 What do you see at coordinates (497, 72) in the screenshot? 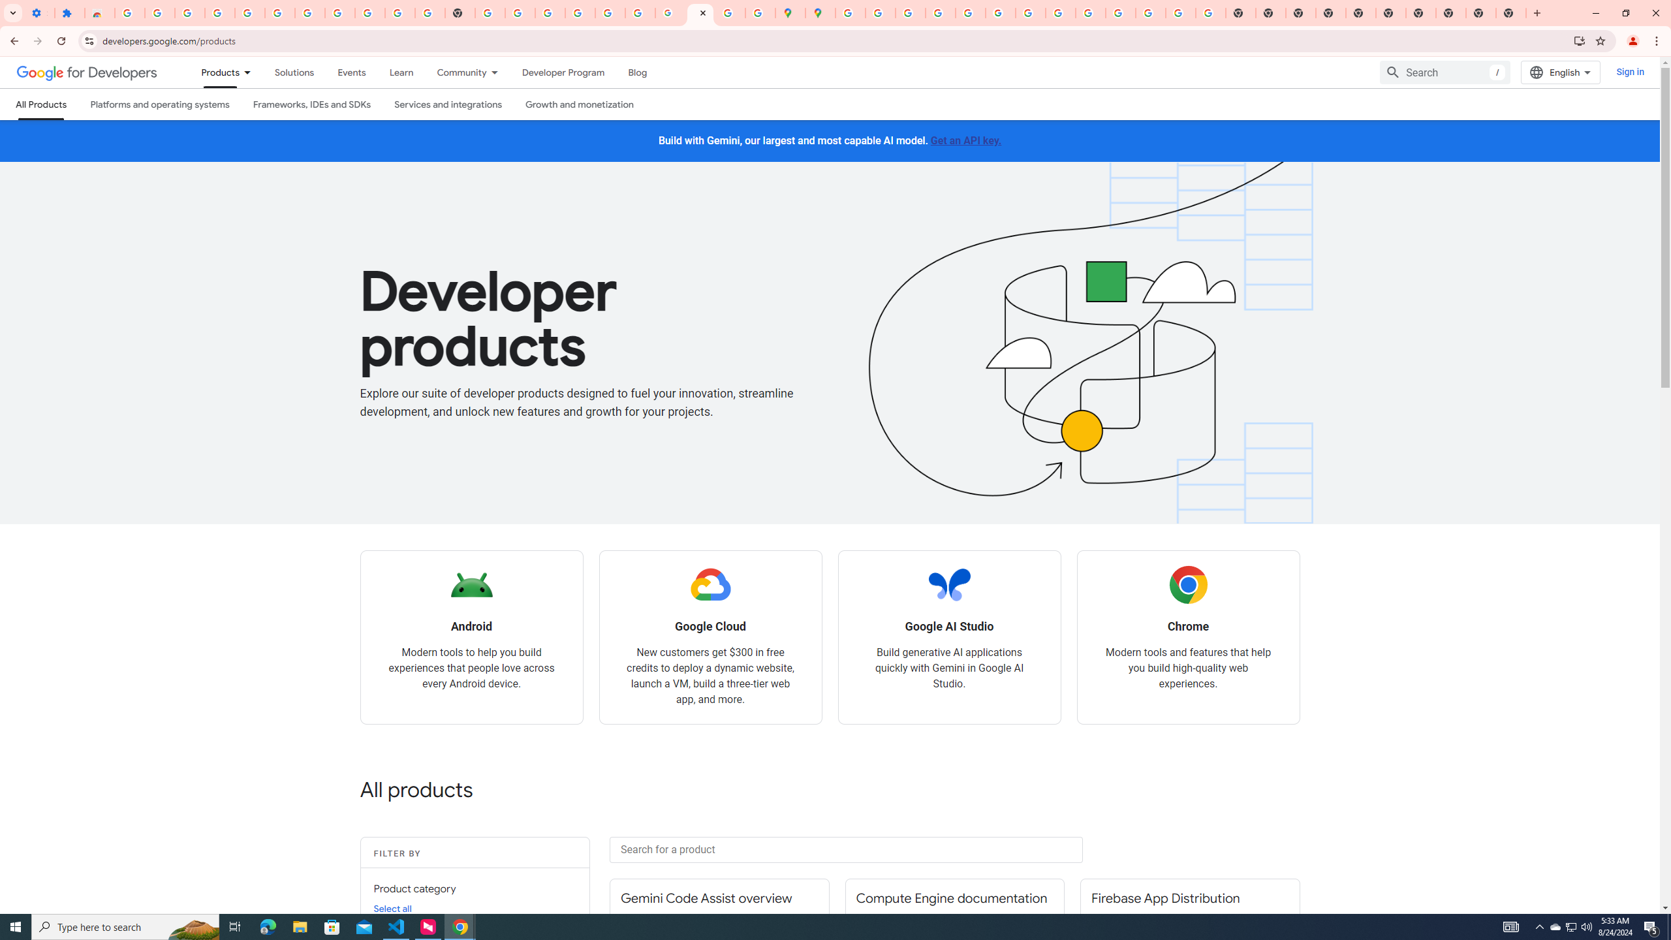
I see `'Dropdown menu for Community'` at bounding box center [497, 72].